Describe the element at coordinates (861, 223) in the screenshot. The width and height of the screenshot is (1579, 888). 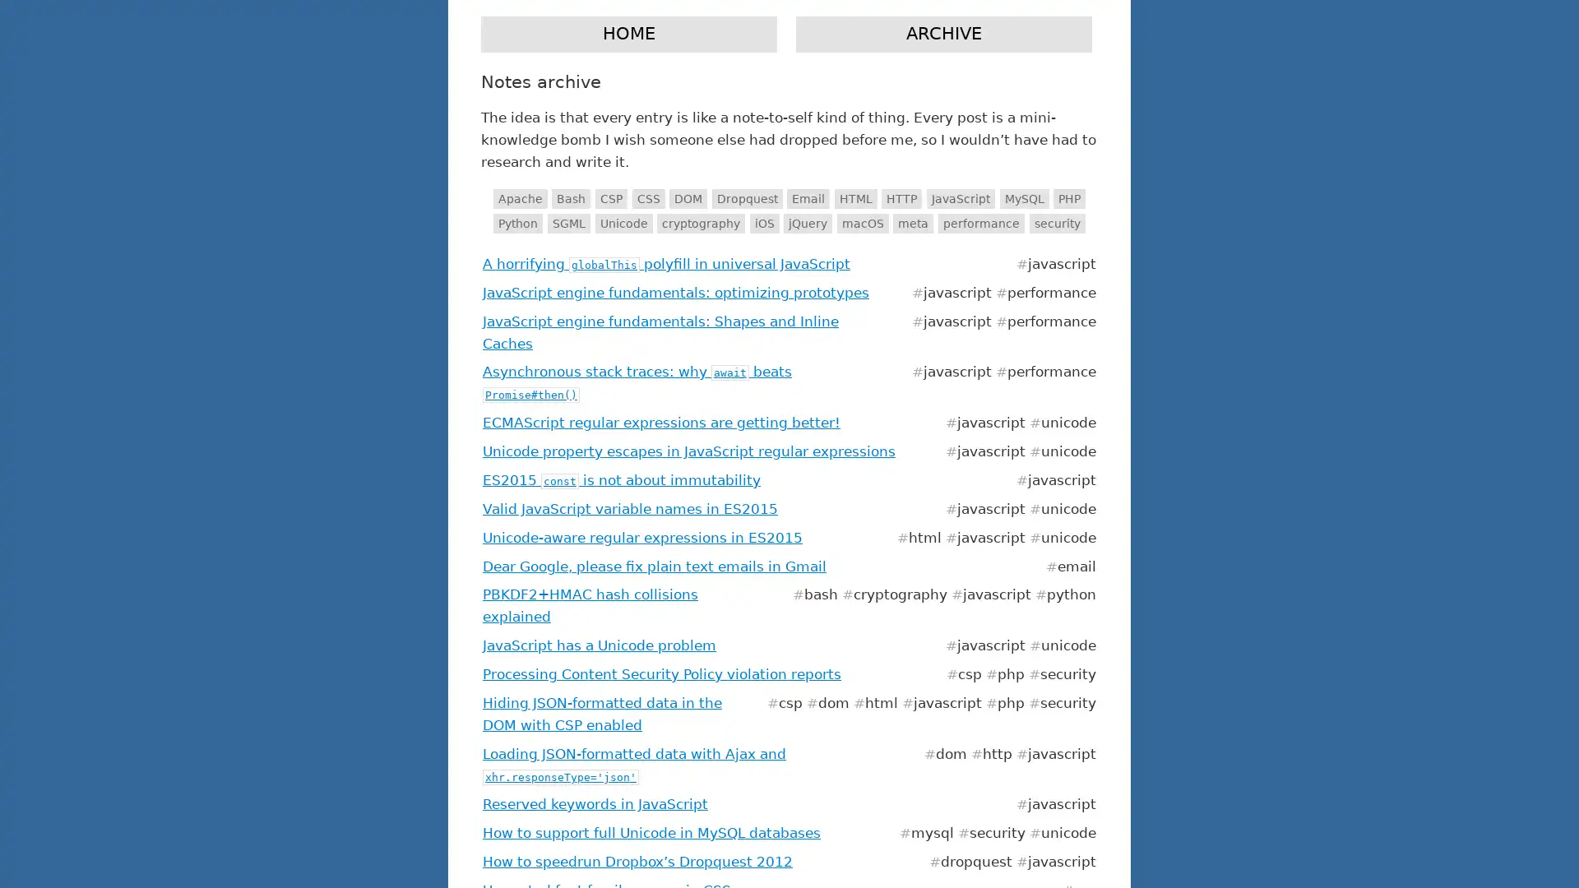
I see `macOS` at that location.